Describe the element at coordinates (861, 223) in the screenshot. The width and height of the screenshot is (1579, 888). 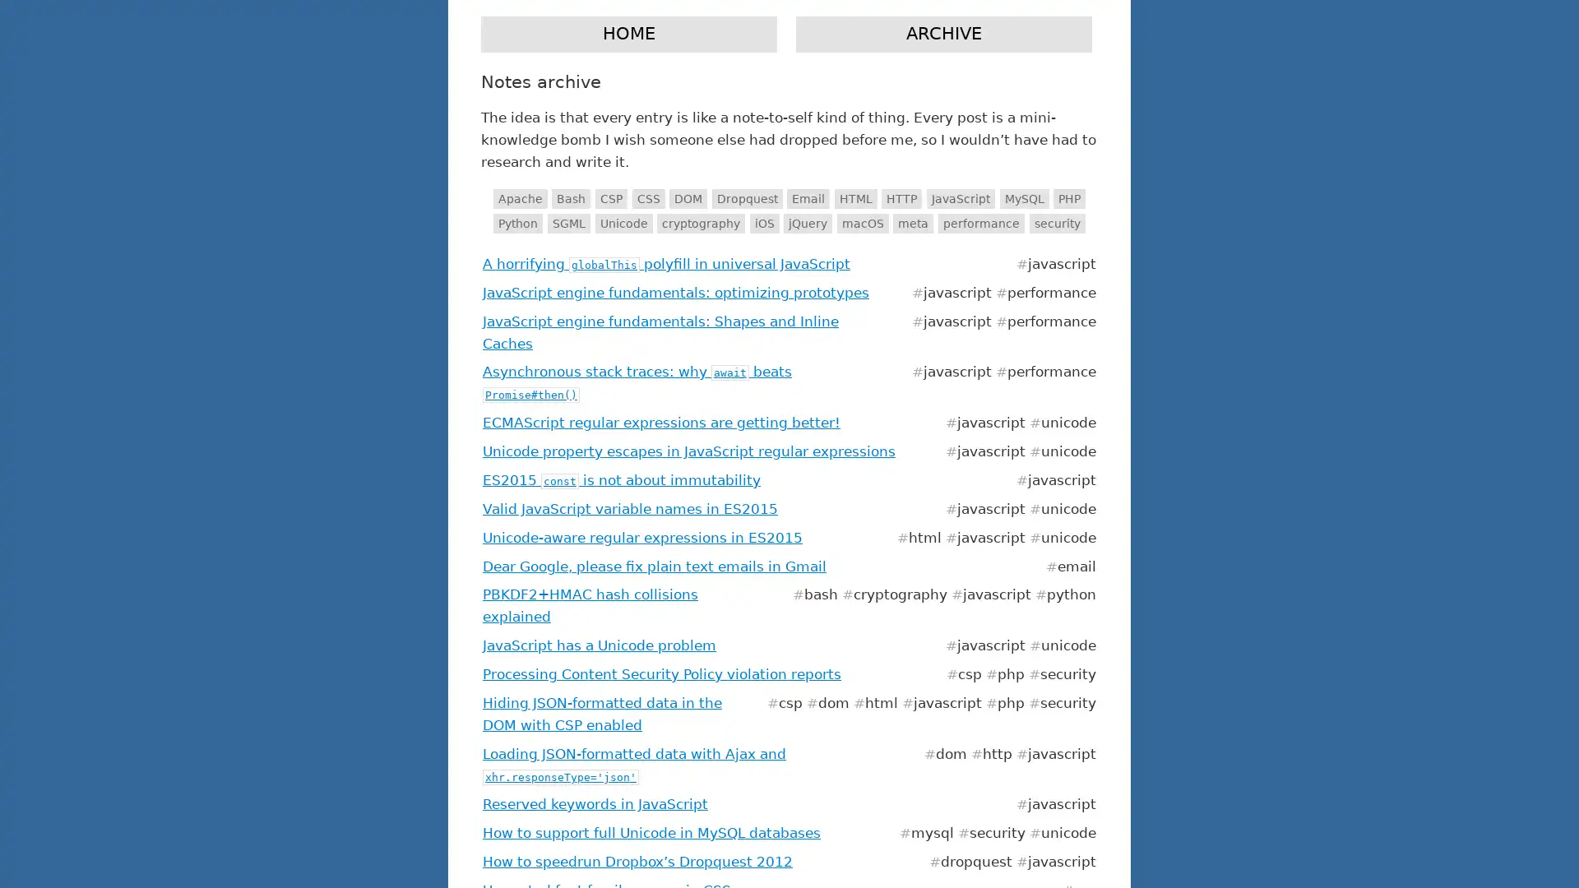
I see `macOS` at that location.